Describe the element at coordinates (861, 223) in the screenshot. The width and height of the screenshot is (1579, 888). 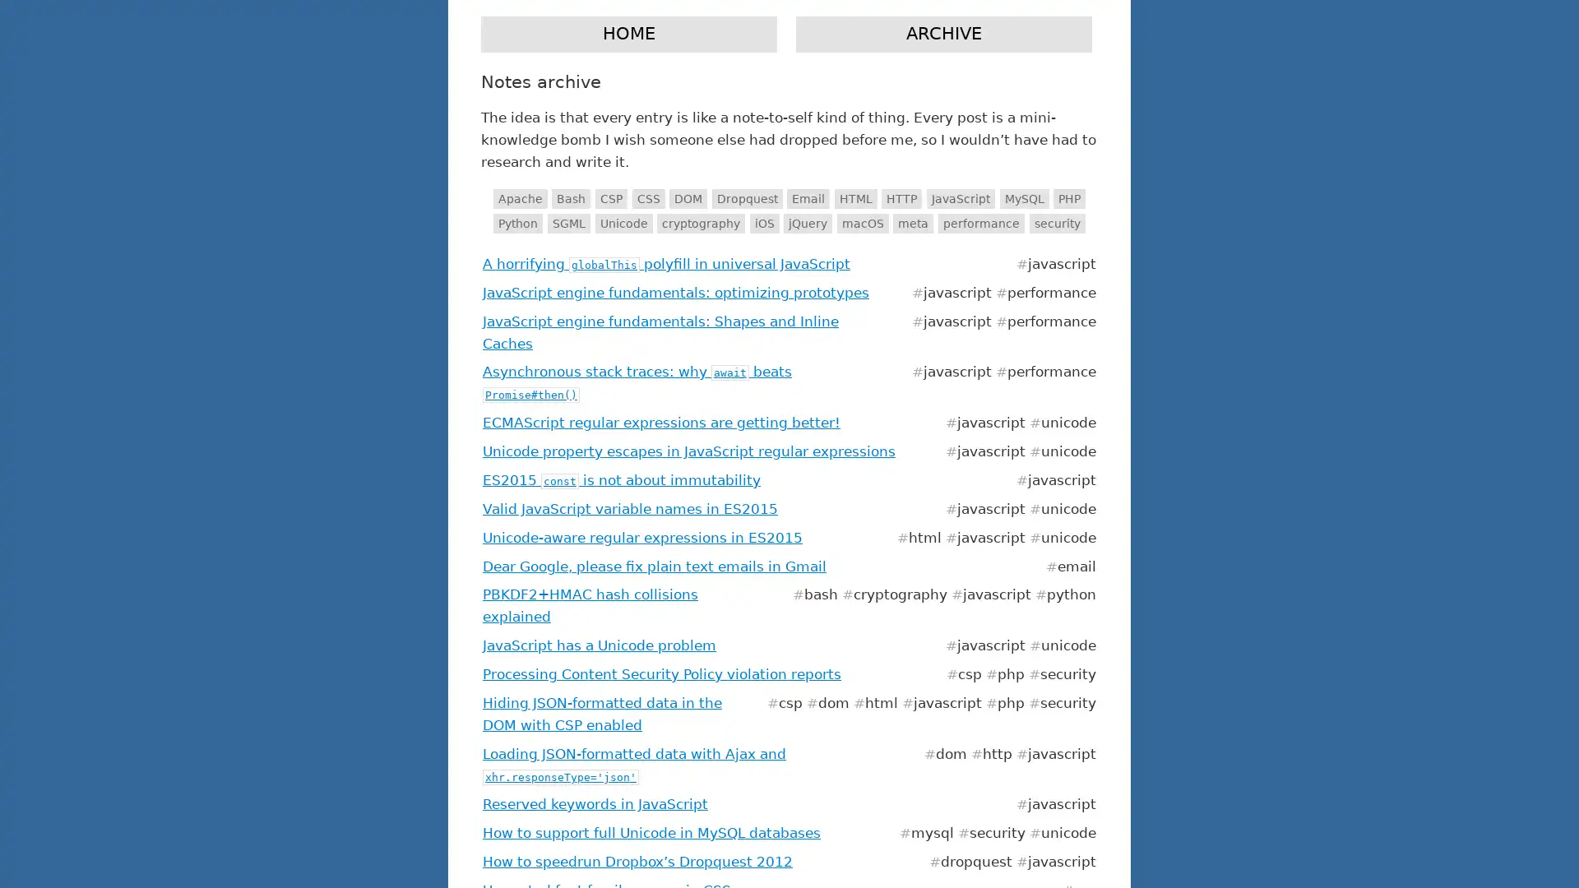
I see `macOS` at that location.